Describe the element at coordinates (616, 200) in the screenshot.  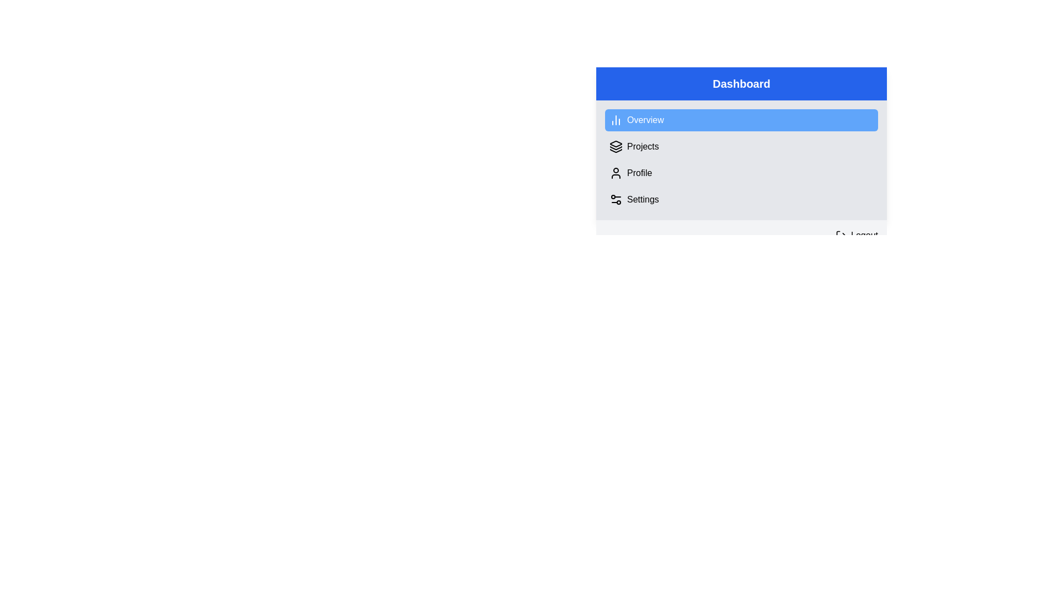
I see `the 'Settings' menu icon, which resembles two vertical sliders with circular knobs, located to the left of the text 'Settings'` at that location.